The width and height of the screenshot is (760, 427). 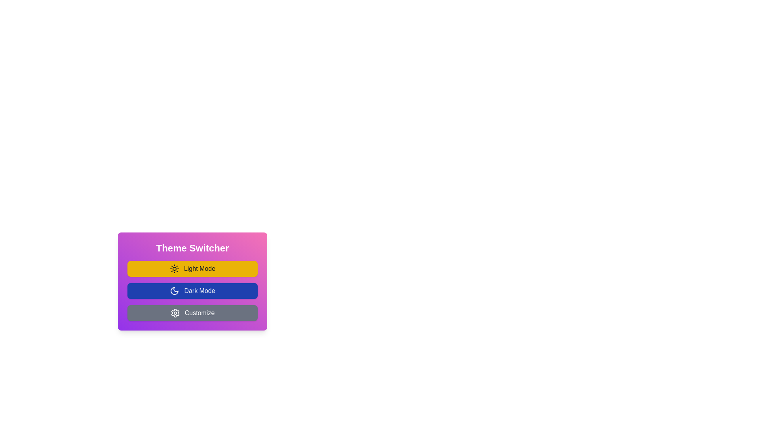 I want to click on the 'Dark Mode' button located in the Theme Switcher panel, which is the second option in the vertical list of buttons, so click(x=174, y=291).